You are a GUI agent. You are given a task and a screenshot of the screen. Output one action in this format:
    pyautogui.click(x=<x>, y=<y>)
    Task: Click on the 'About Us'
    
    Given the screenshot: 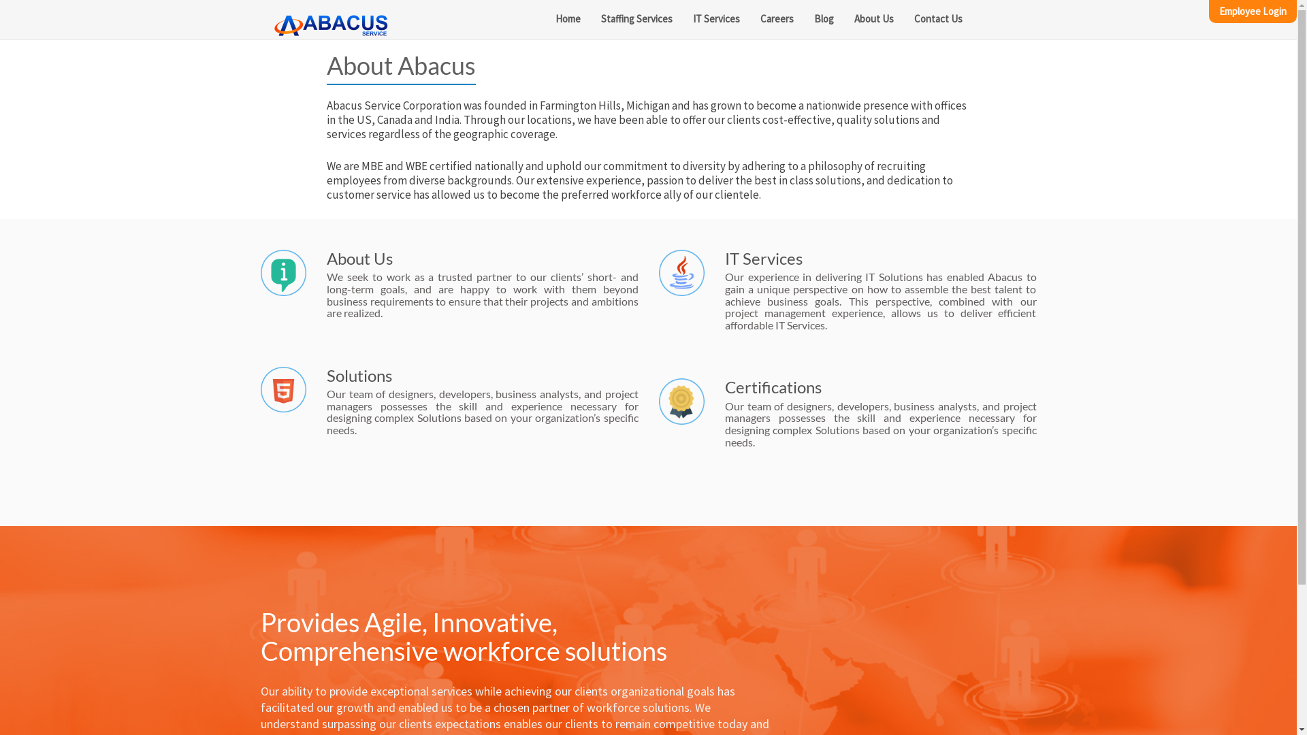 What is the action you would take?
    pyautogui.click(x=873, y=18)
    